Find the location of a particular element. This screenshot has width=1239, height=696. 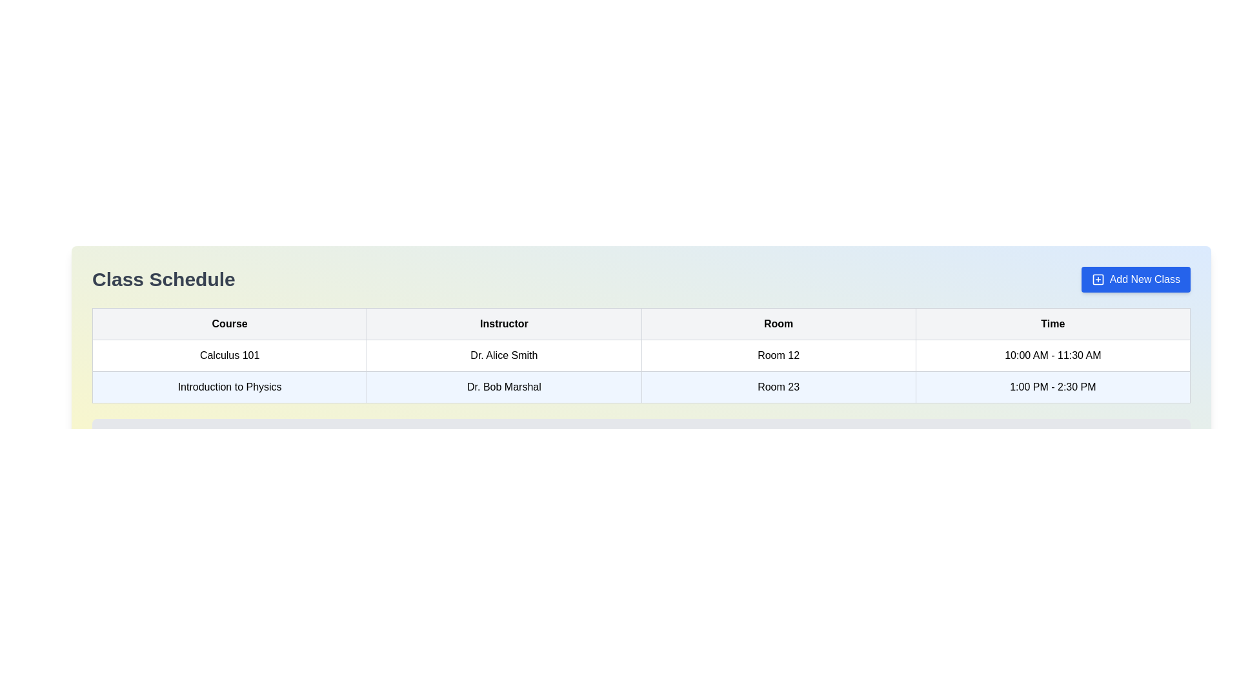

the button located at the top-right corner of the header bar titled 'Class Schedule' is located at coordinates (1136, 279).